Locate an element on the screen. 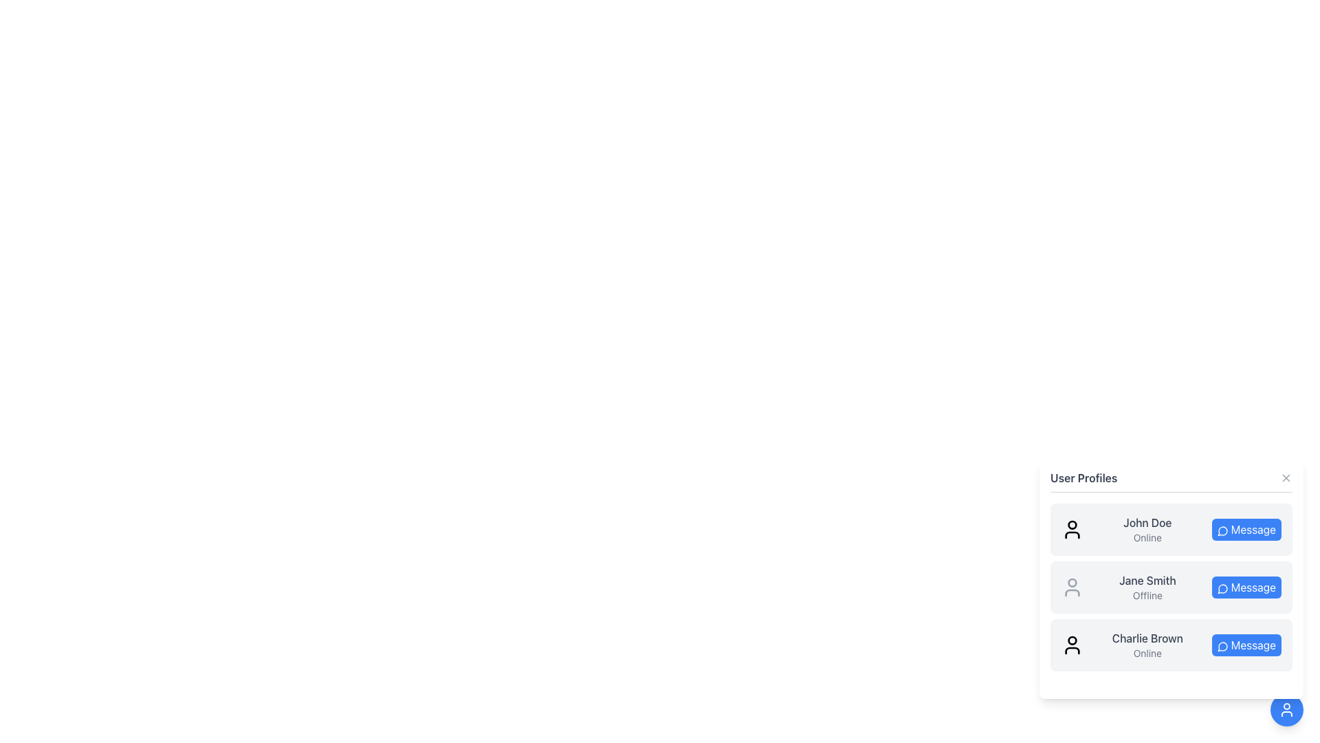 The height and width of the screenshot is (743, 1320). the messaging icon button located to the right of 'Charlie Brown' in the user profiles list to initiate a message is located at coordinates (1222, 647).